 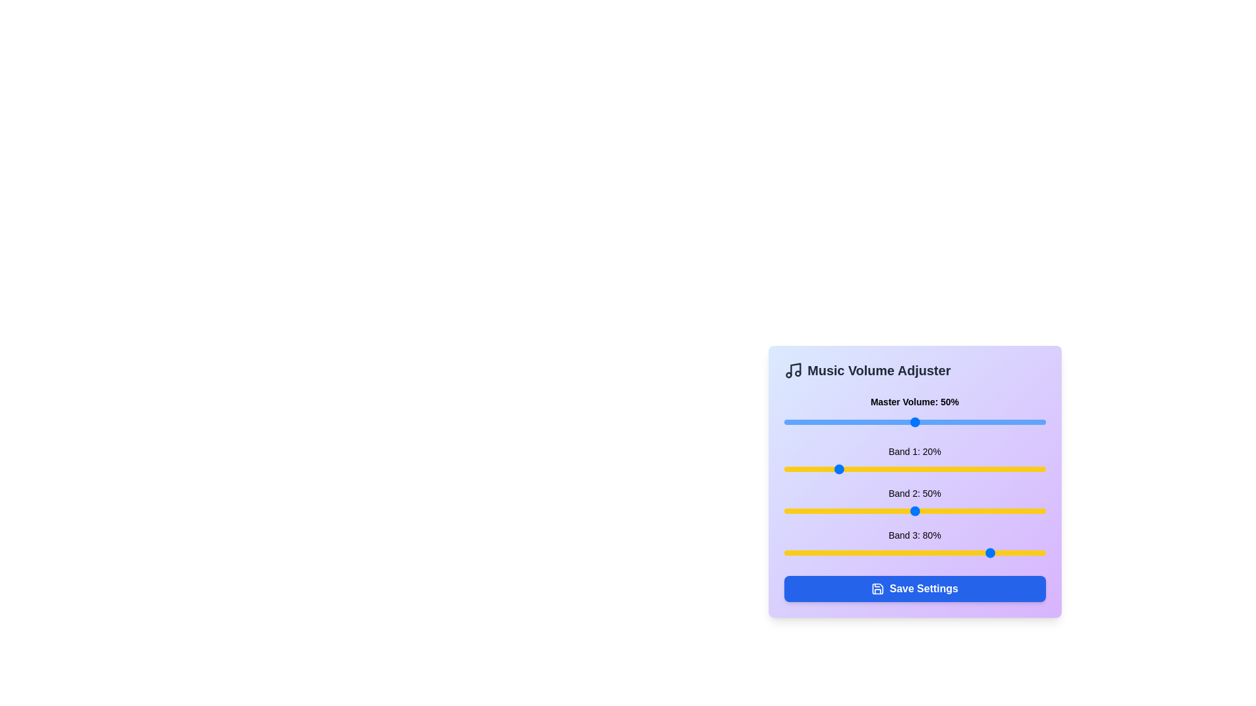 I want to click on Band 2's volume, so click(x=975, y=511).